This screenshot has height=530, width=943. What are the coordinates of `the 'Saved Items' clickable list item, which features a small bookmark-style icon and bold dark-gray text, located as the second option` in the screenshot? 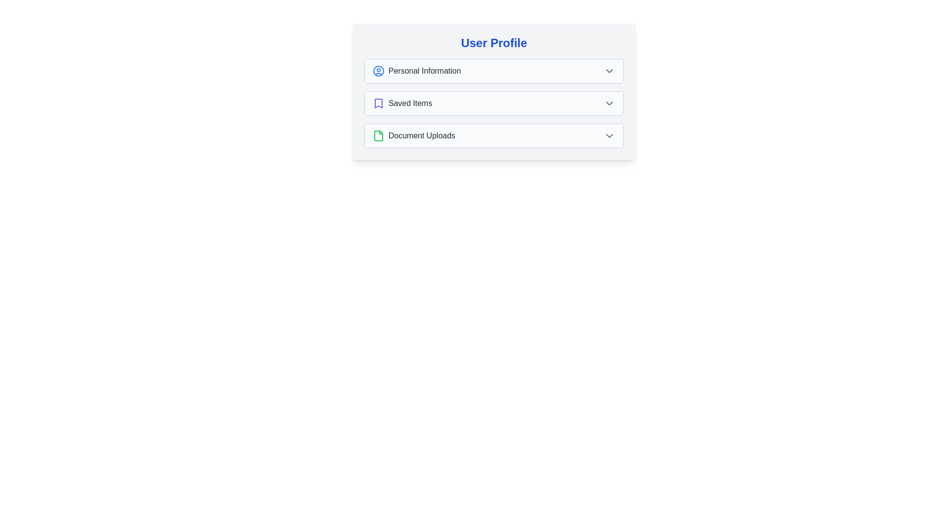 It's located at (402, 104).